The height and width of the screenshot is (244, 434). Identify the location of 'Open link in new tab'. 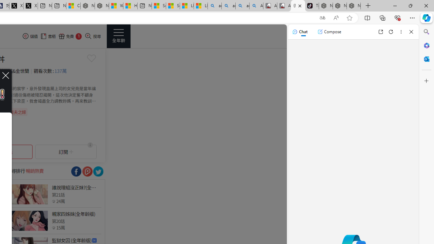
(380, 32).